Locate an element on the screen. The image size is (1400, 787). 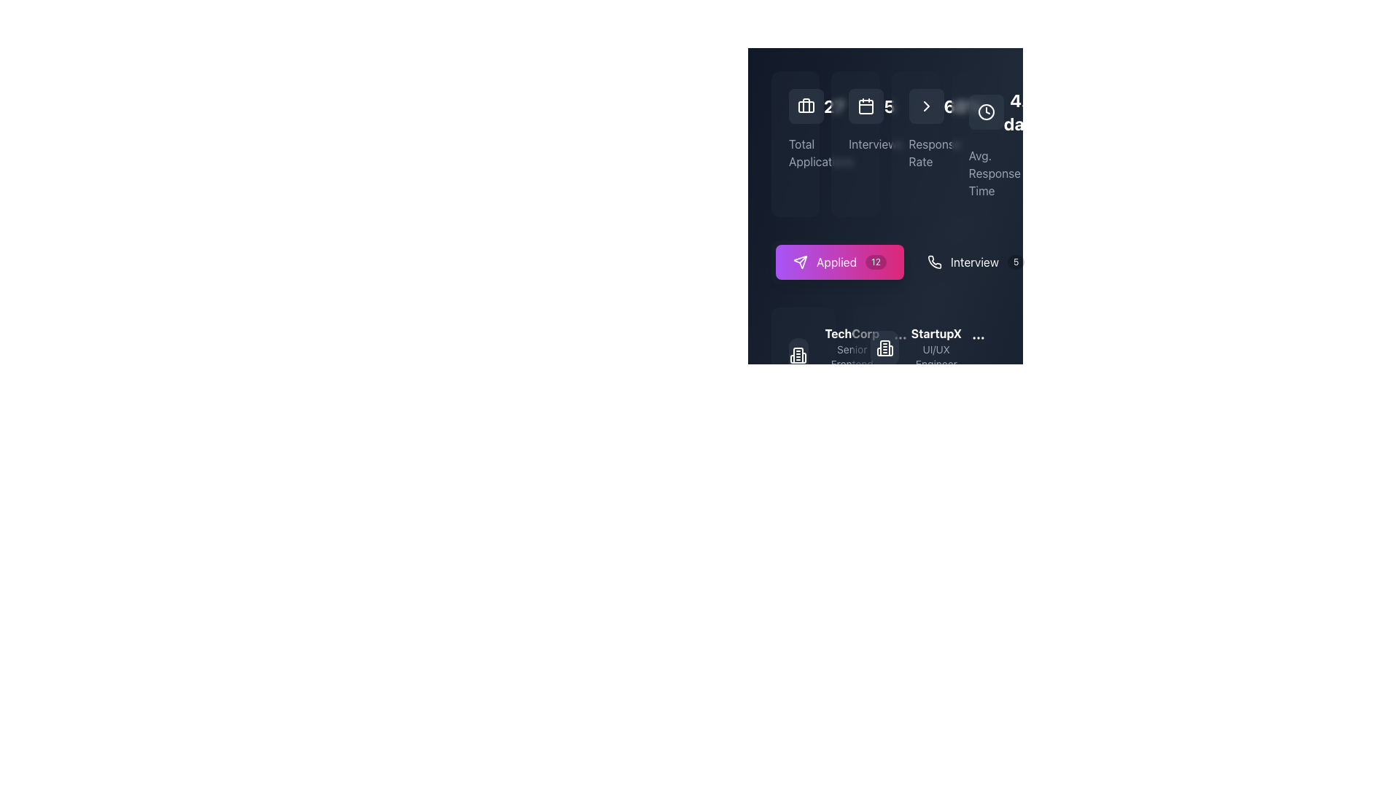
the Chevron Button (right-arrow) located beside the percentage value '68%' is located at coordinates (925, 106).